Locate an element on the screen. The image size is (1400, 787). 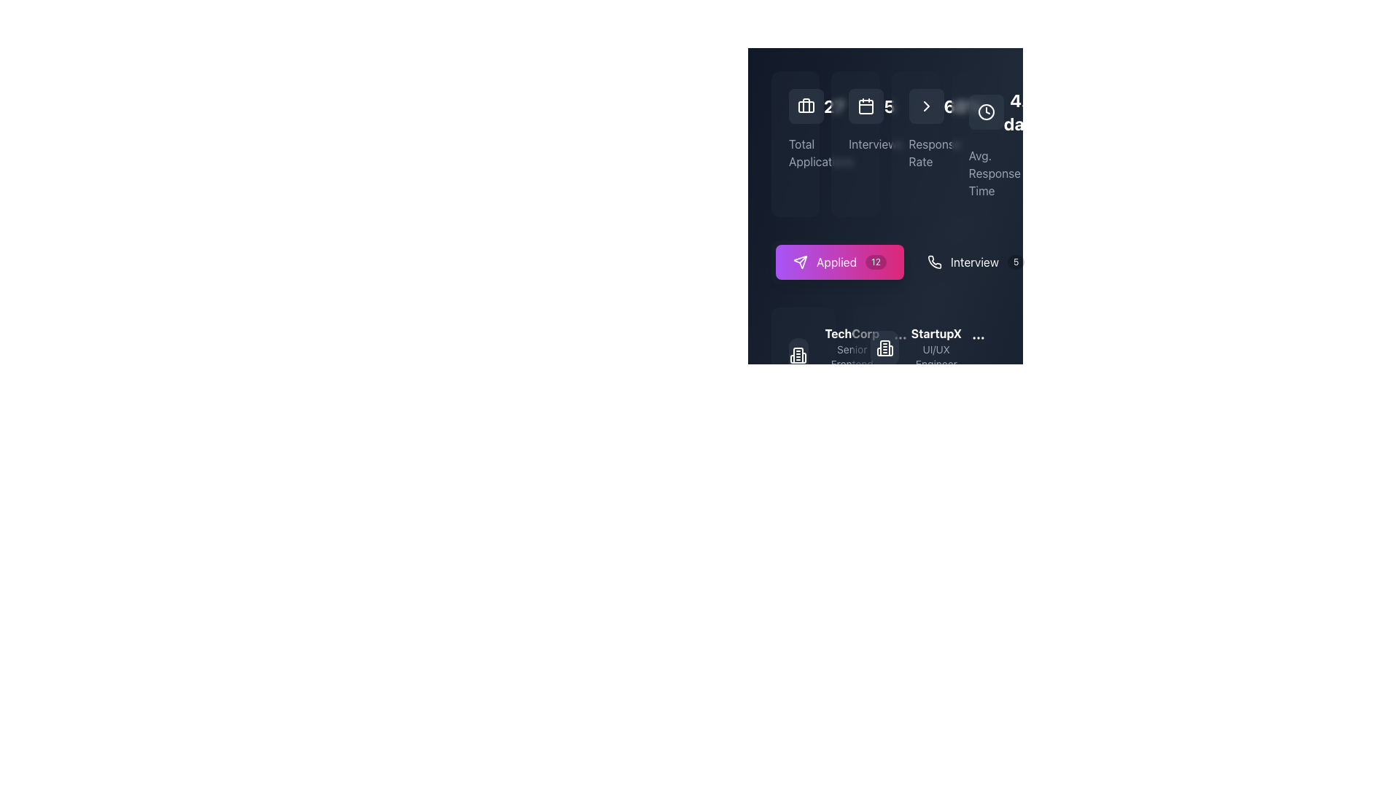
the Chevron Button (right-arrow) located beside the percentage value '68%' is located at coordinates (925, 106).